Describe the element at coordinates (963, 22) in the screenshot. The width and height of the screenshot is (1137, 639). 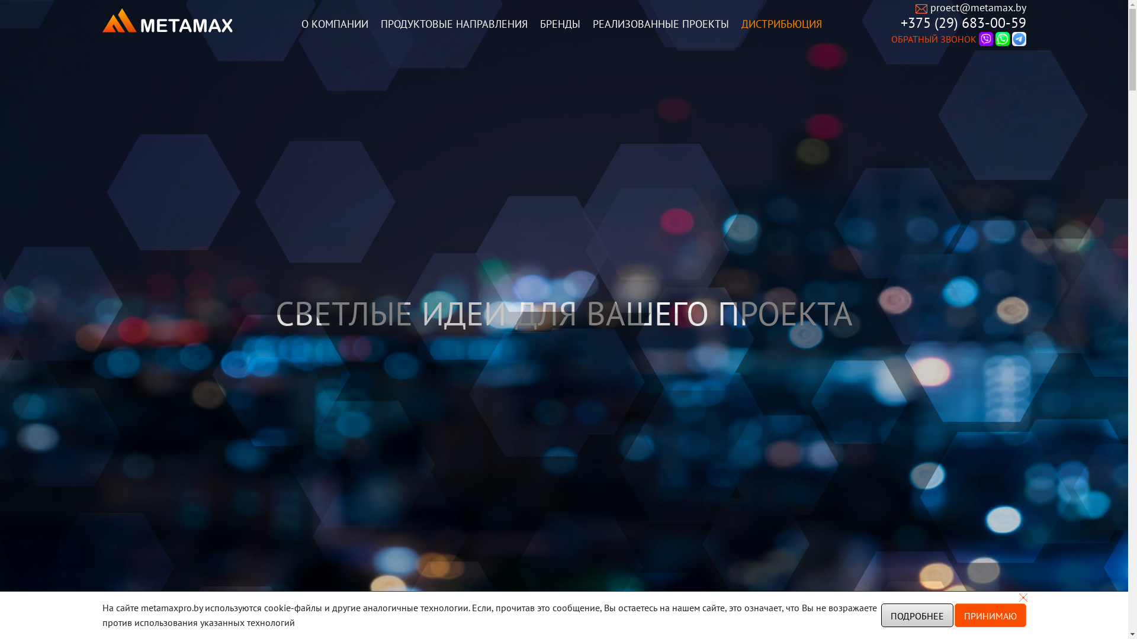
I see `'+375 (29) 683-00-59'` at that location.